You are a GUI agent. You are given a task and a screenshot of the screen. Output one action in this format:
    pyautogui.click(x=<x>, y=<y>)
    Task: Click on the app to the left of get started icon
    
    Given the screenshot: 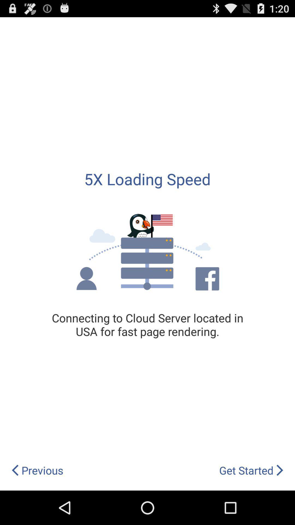 What is the action you would take?
    pyautogui.click(x=37, y=470)
    